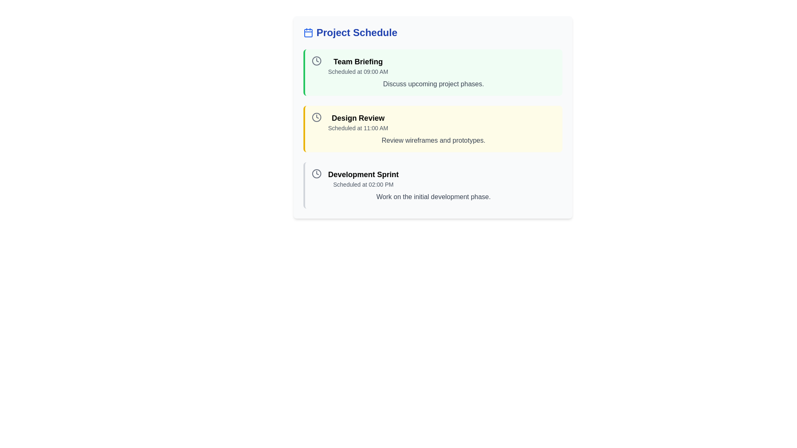 The image size is (797, 448). I want to click on the Information Card indicating a scheduled event in the project timeline, so click(432, 129).